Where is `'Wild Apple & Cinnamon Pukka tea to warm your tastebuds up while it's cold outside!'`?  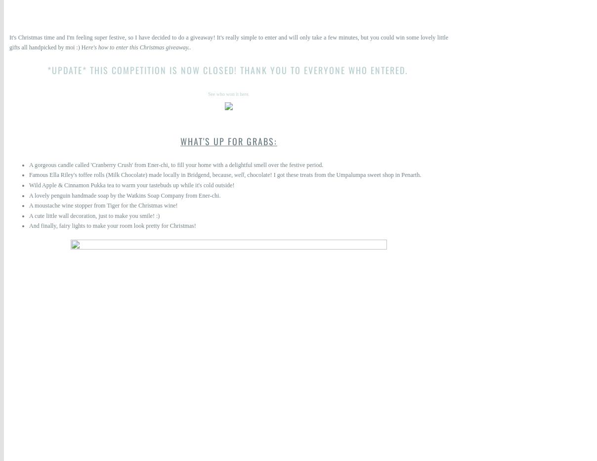 'Wild Apple & Cinnamon Pukka tea to warm your tastebuds up while it's cold outside!' is located at coordinates (131, 185).